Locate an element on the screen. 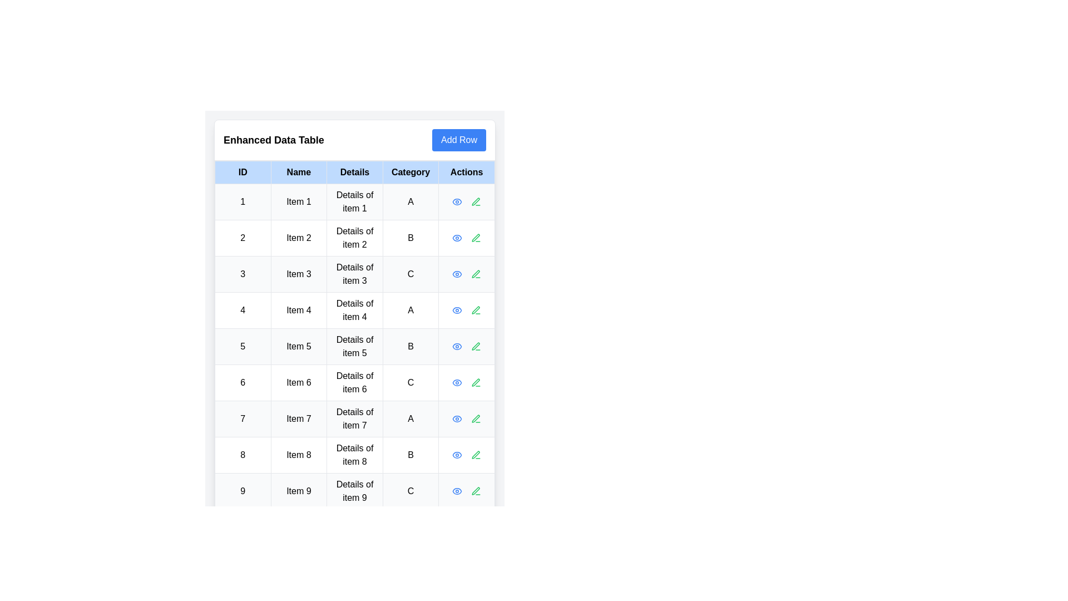 The height and width of the screenshot is (601, 1068). the 'Category' table header, which is the fourth header in a row of five, featuring bold, dark text on a light blue background is located at coordinates (410, 172).